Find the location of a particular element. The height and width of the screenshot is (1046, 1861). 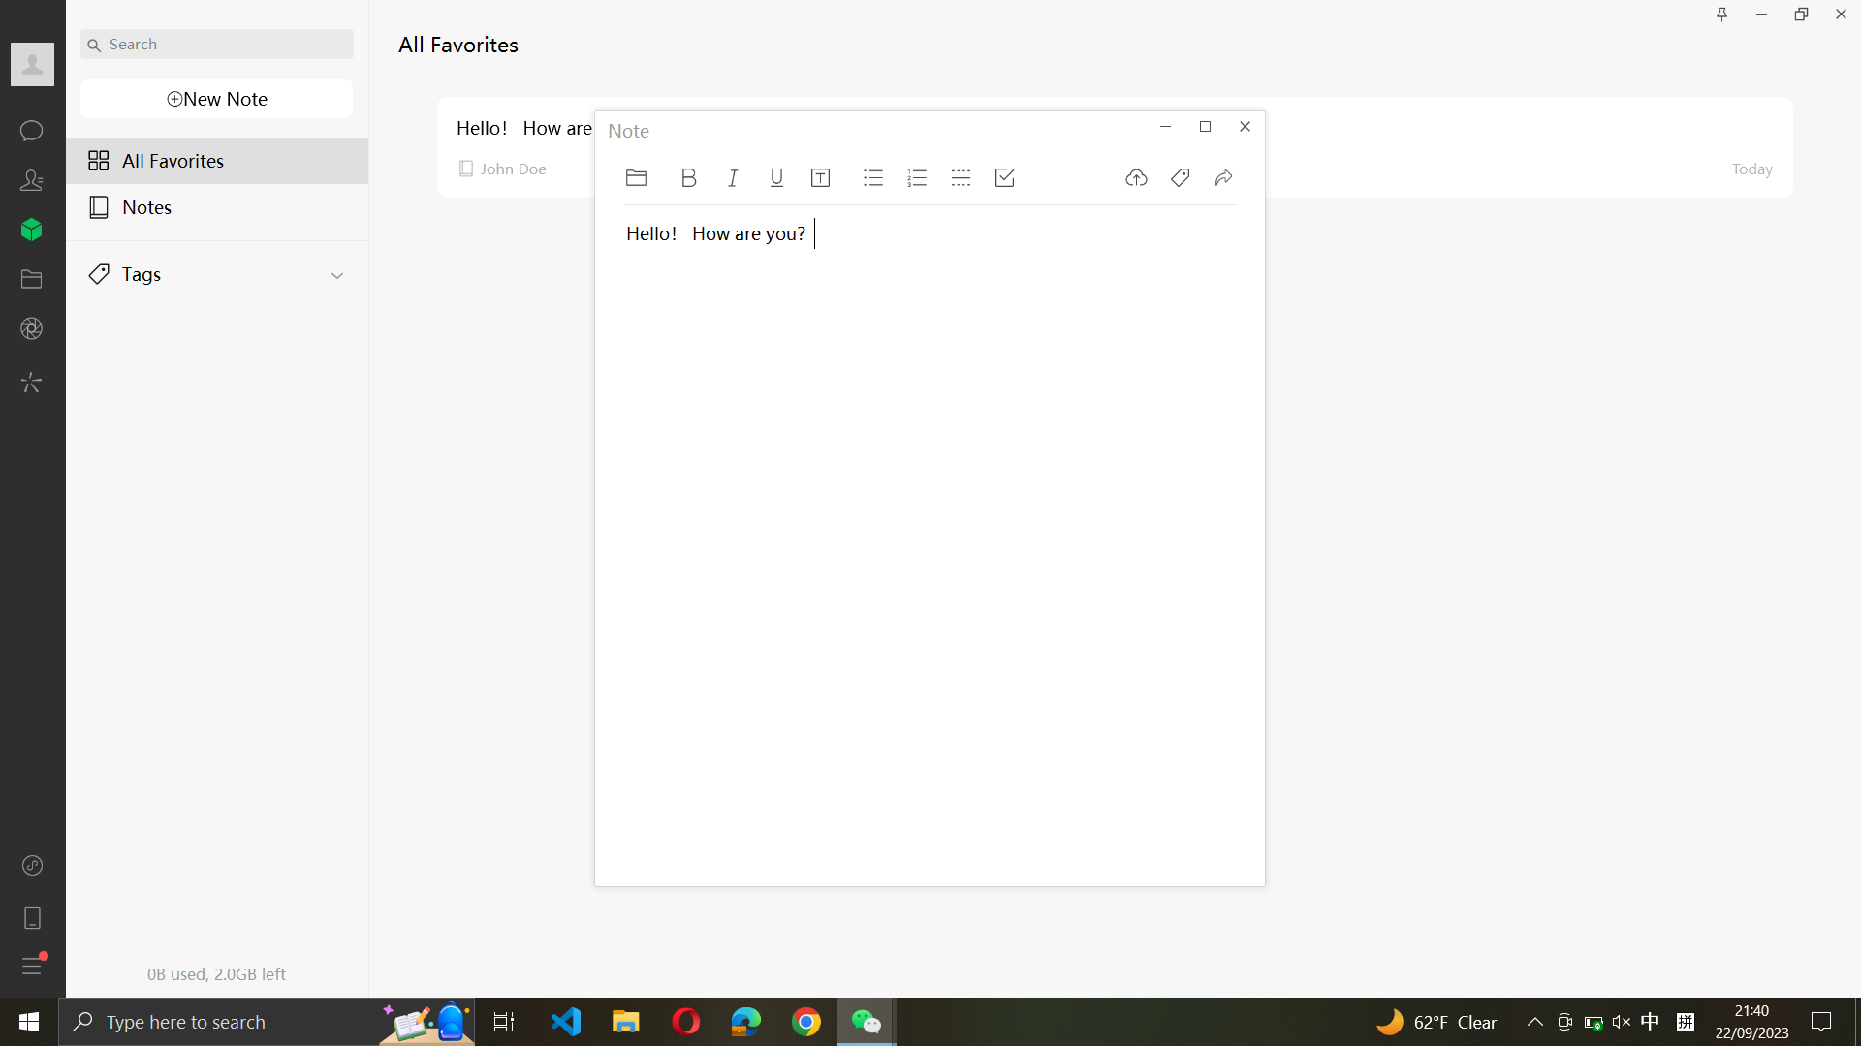

Enlarge the note window to its maximum size is located at coordinates (1204, 124).